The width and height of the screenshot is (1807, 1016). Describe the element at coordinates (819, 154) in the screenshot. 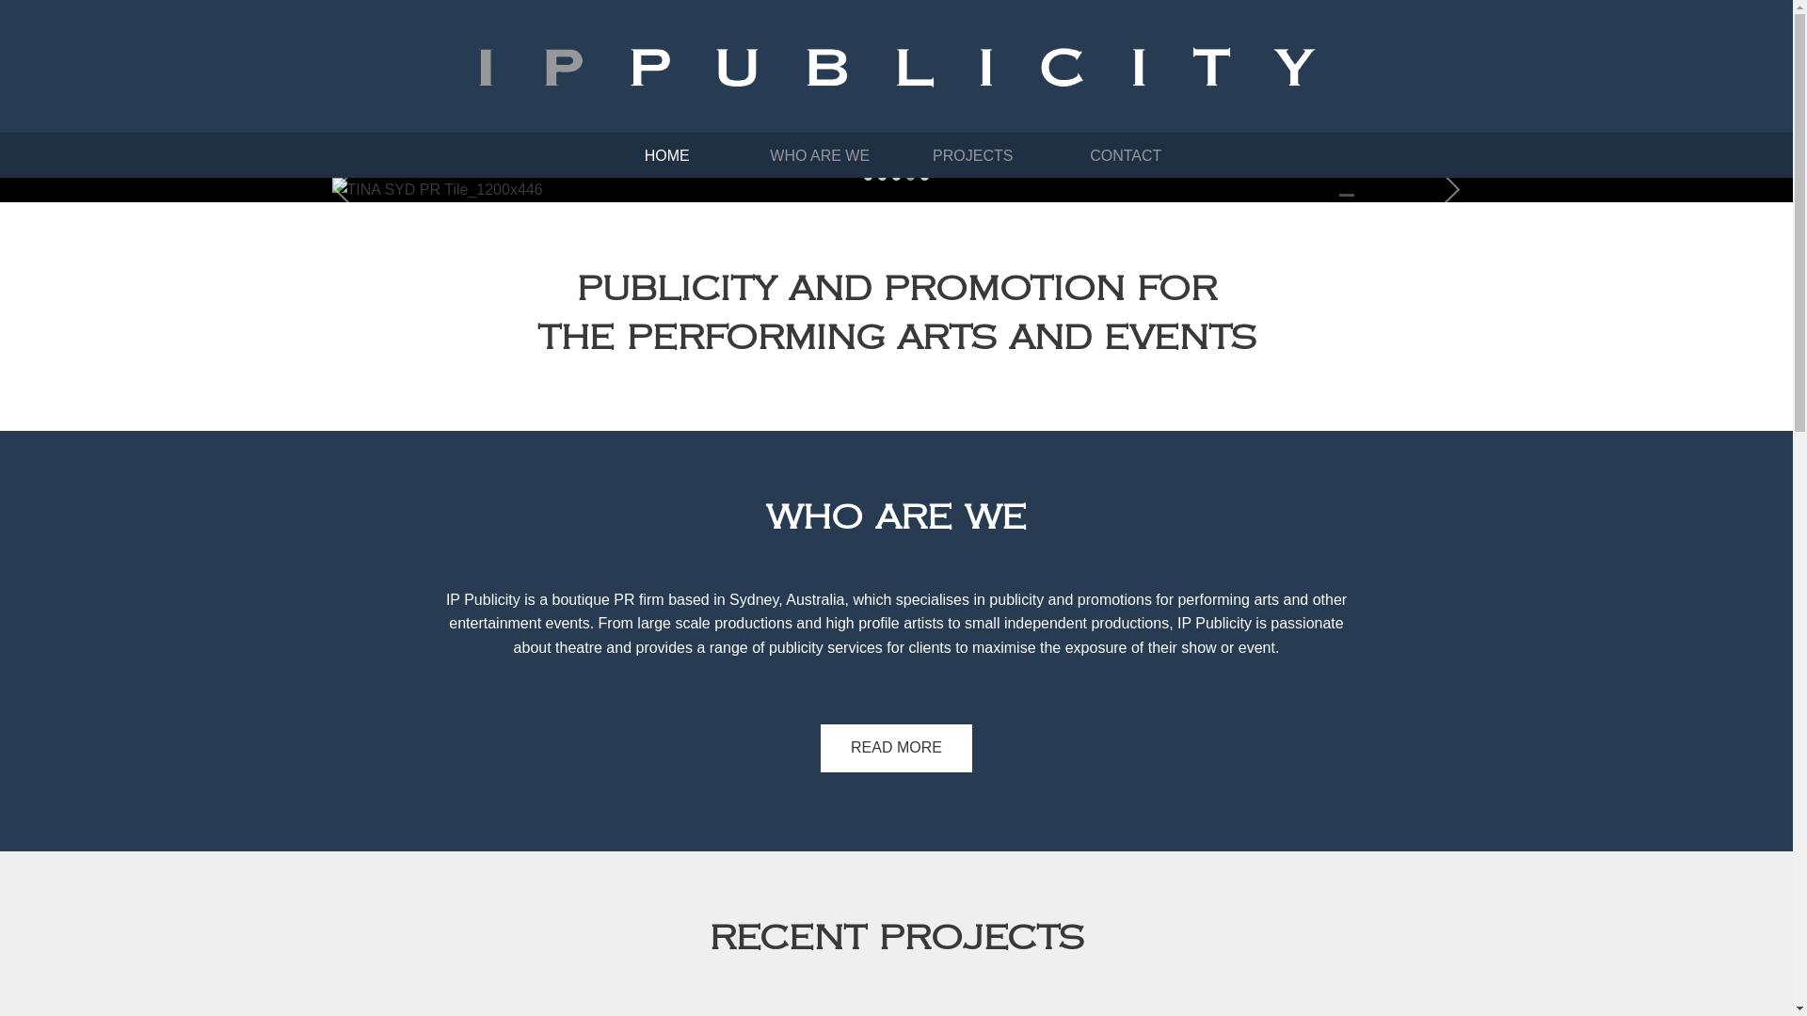

I see `'WHO ARE WE'` at that location.